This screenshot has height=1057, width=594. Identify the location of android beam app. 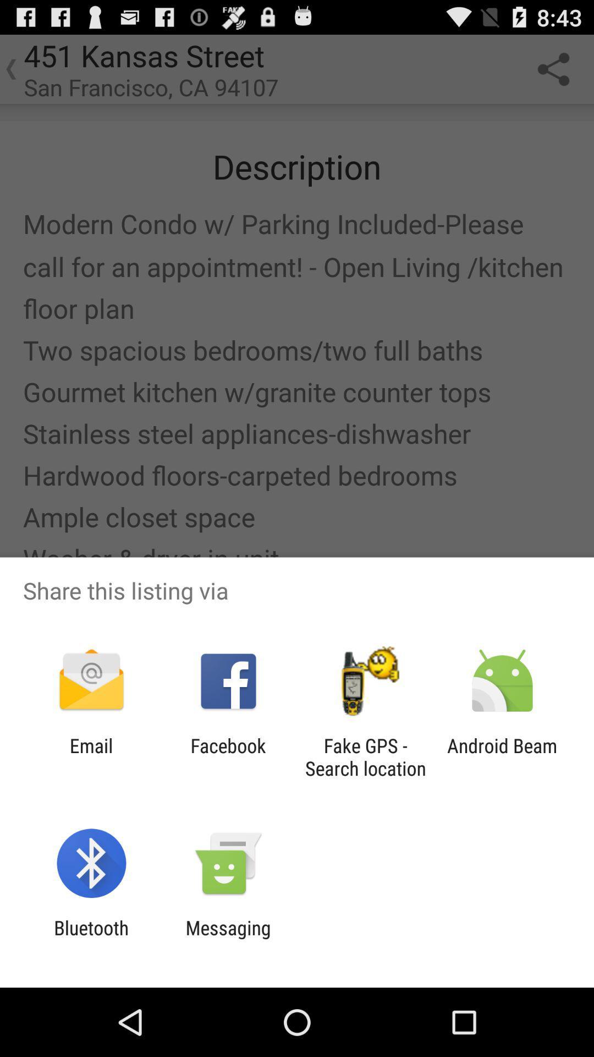
(502, 756).